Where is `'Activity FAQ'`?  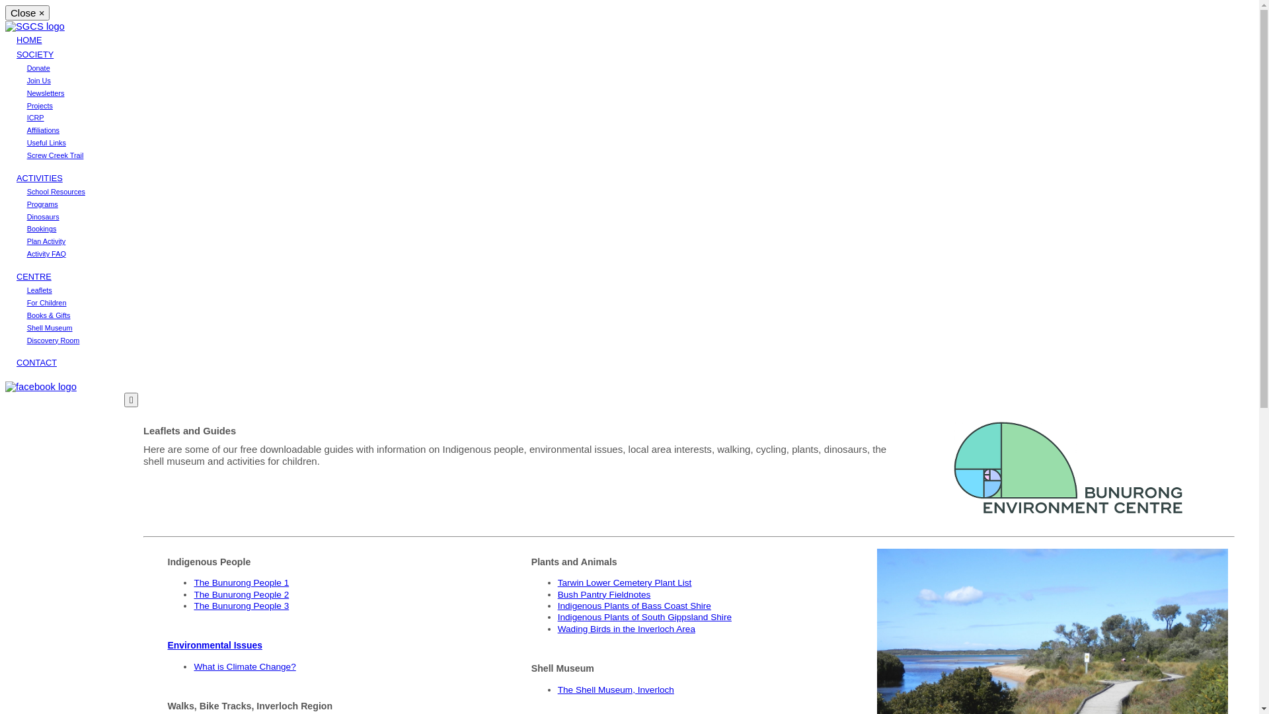 'Activity FAQ' is located at coordinates (46, 254).